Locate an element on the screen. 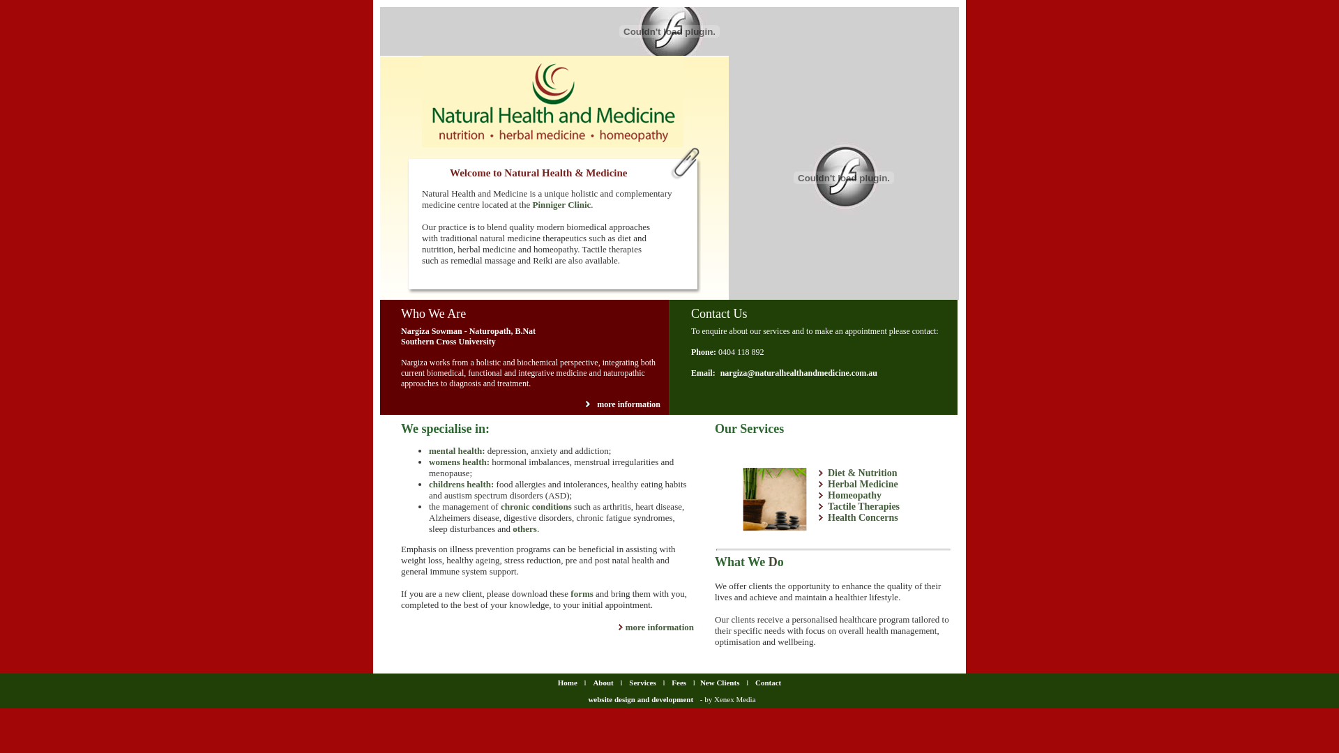 This screenshot has width=1339, height=753. 'Homeopathy' is located at coordinates (827, 494).